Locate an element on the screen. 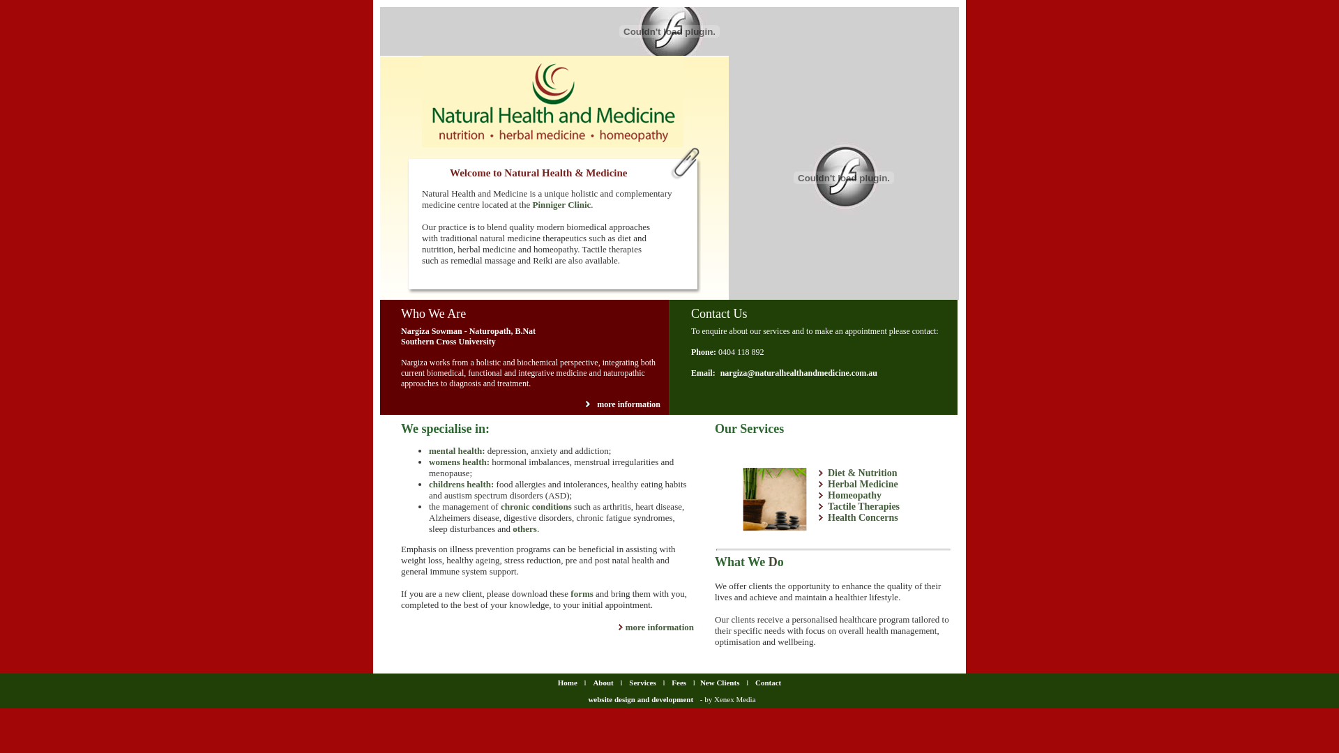 This screenshot has width=1339, height=753. 'Homeopathy' is located at coordinates (827, 494).